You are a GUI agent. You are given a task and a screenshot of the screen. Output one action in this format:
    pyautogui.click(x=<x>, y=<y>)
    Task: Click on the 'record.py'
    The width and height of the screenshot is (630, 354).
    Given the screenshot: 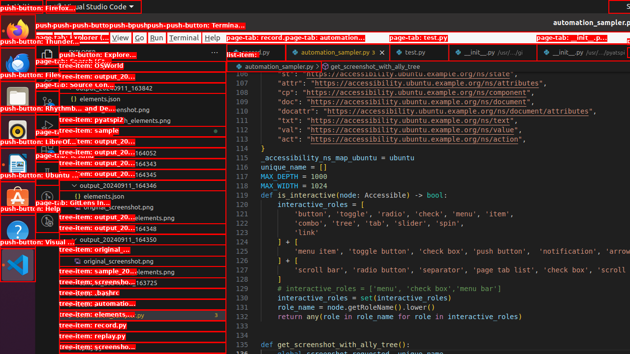 What is the action you would take?
    pyautogui.click(x=142, y=336)
    